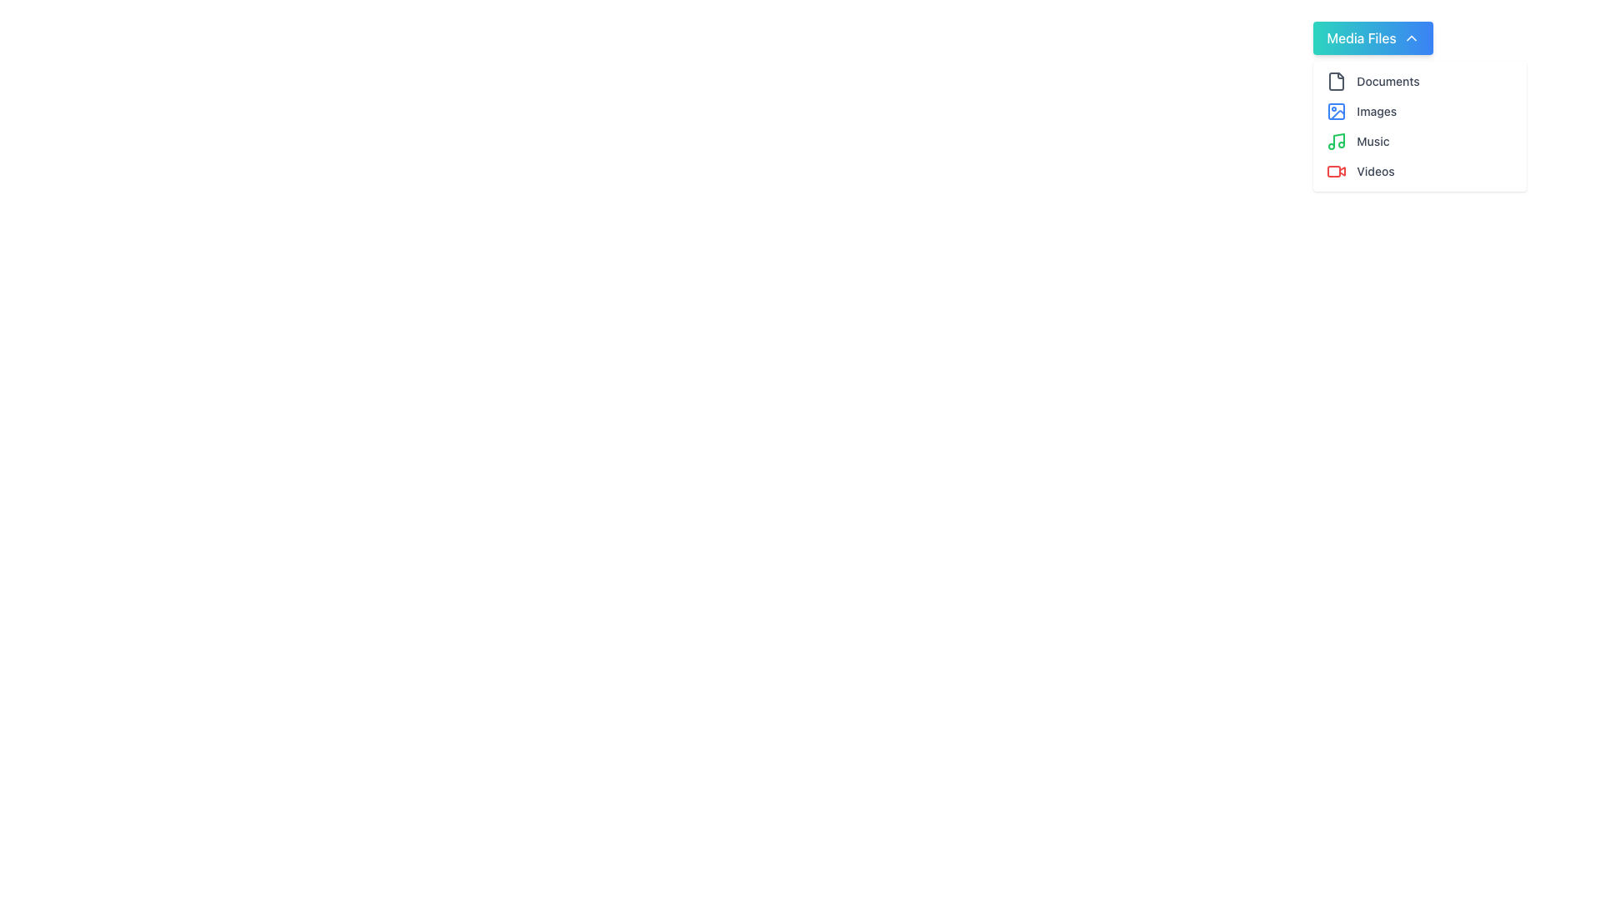  What do you see at coordinates (1343, 171) in the screenshot?
I see `the small red triangle icon resembling a 'Play' symbol located within the 'Videos' button` at bounding box center [1343, 171].